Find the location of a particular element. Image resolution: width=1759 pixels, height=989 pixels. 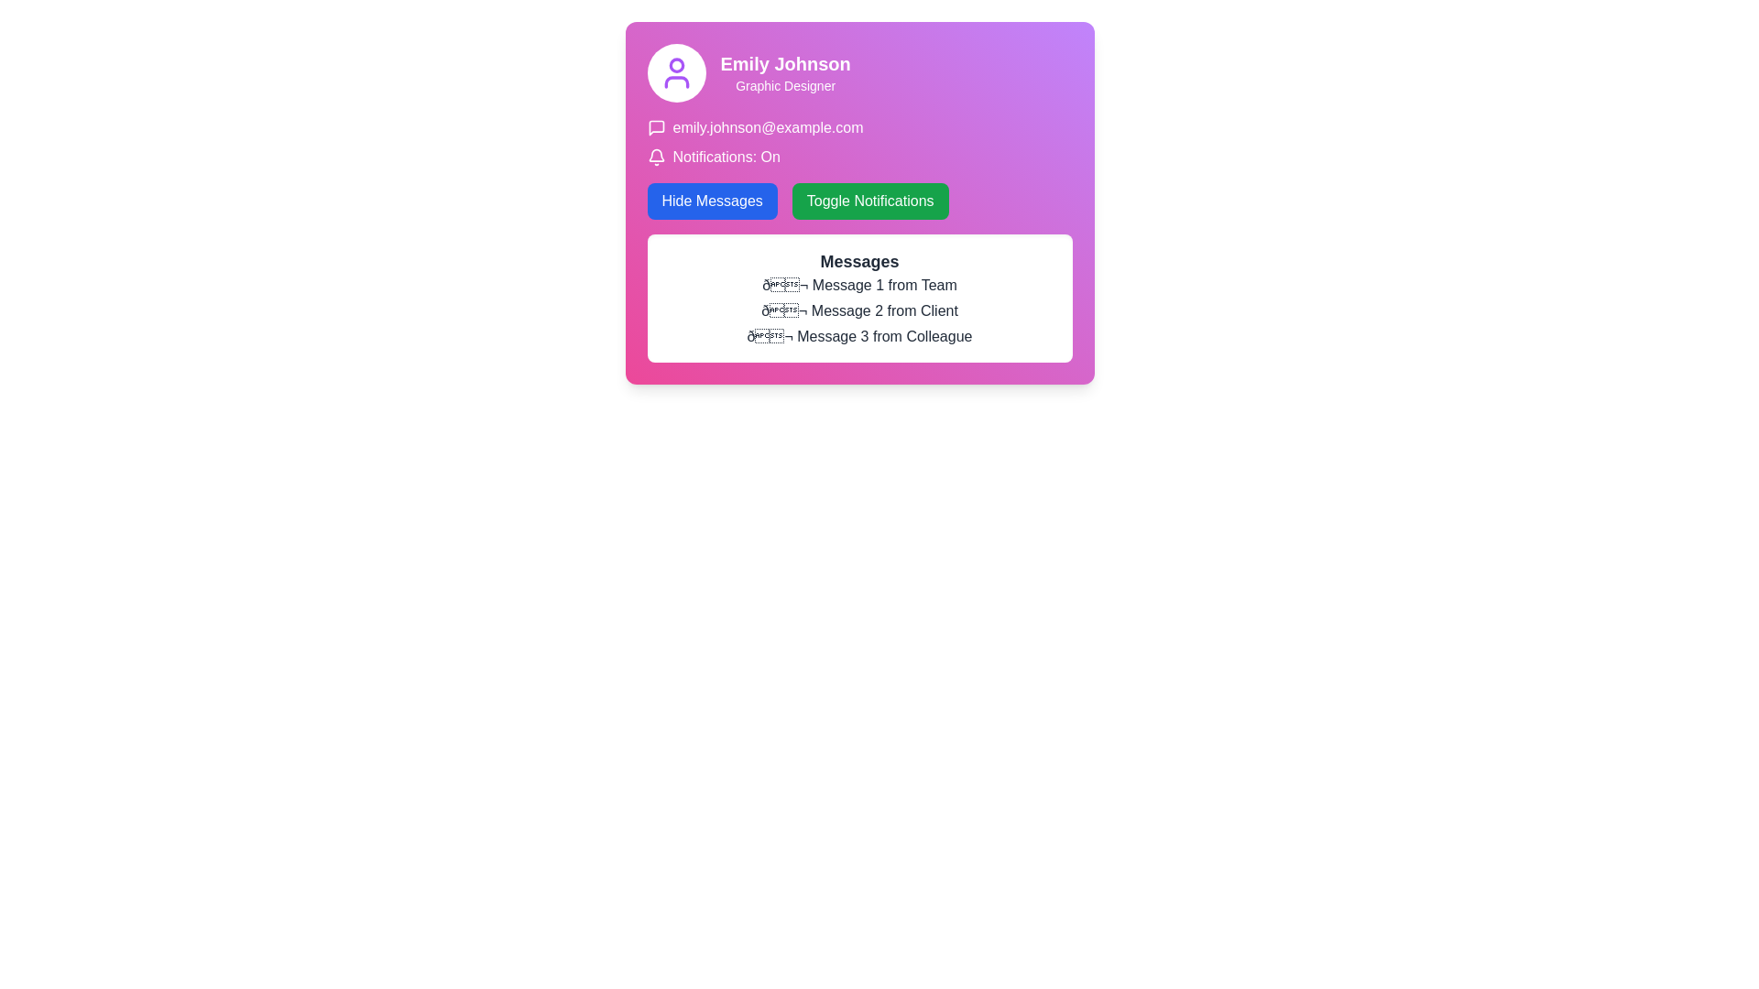

the static text label indicating the current state of notifications, which displays 'On', located to the right of the bell icon and beneath the user's email address is located at coordinates (726, 157).